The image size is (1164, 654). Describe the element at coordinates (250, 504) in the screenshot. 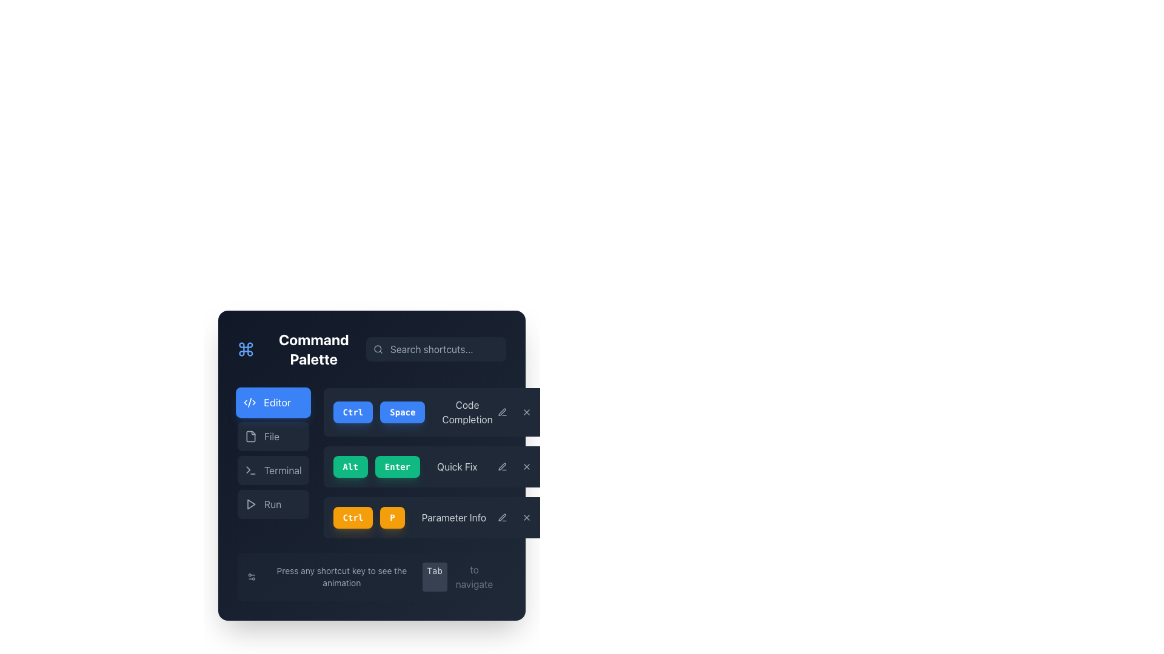

I see `the play or 'Run' icon located to the left of the text 'Run' in the vertically stacked menu to initiate the associated action` at that location.